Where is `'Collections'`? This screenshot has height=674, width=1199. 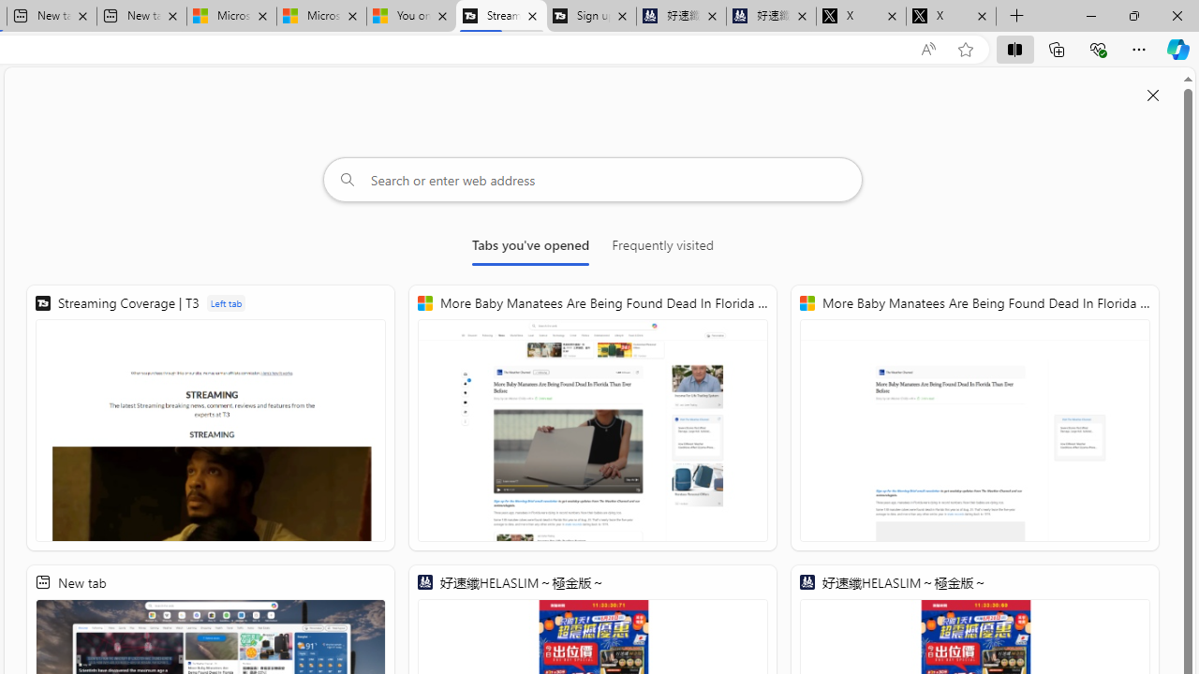
'Collections' is located at coordinates (1057, 48).